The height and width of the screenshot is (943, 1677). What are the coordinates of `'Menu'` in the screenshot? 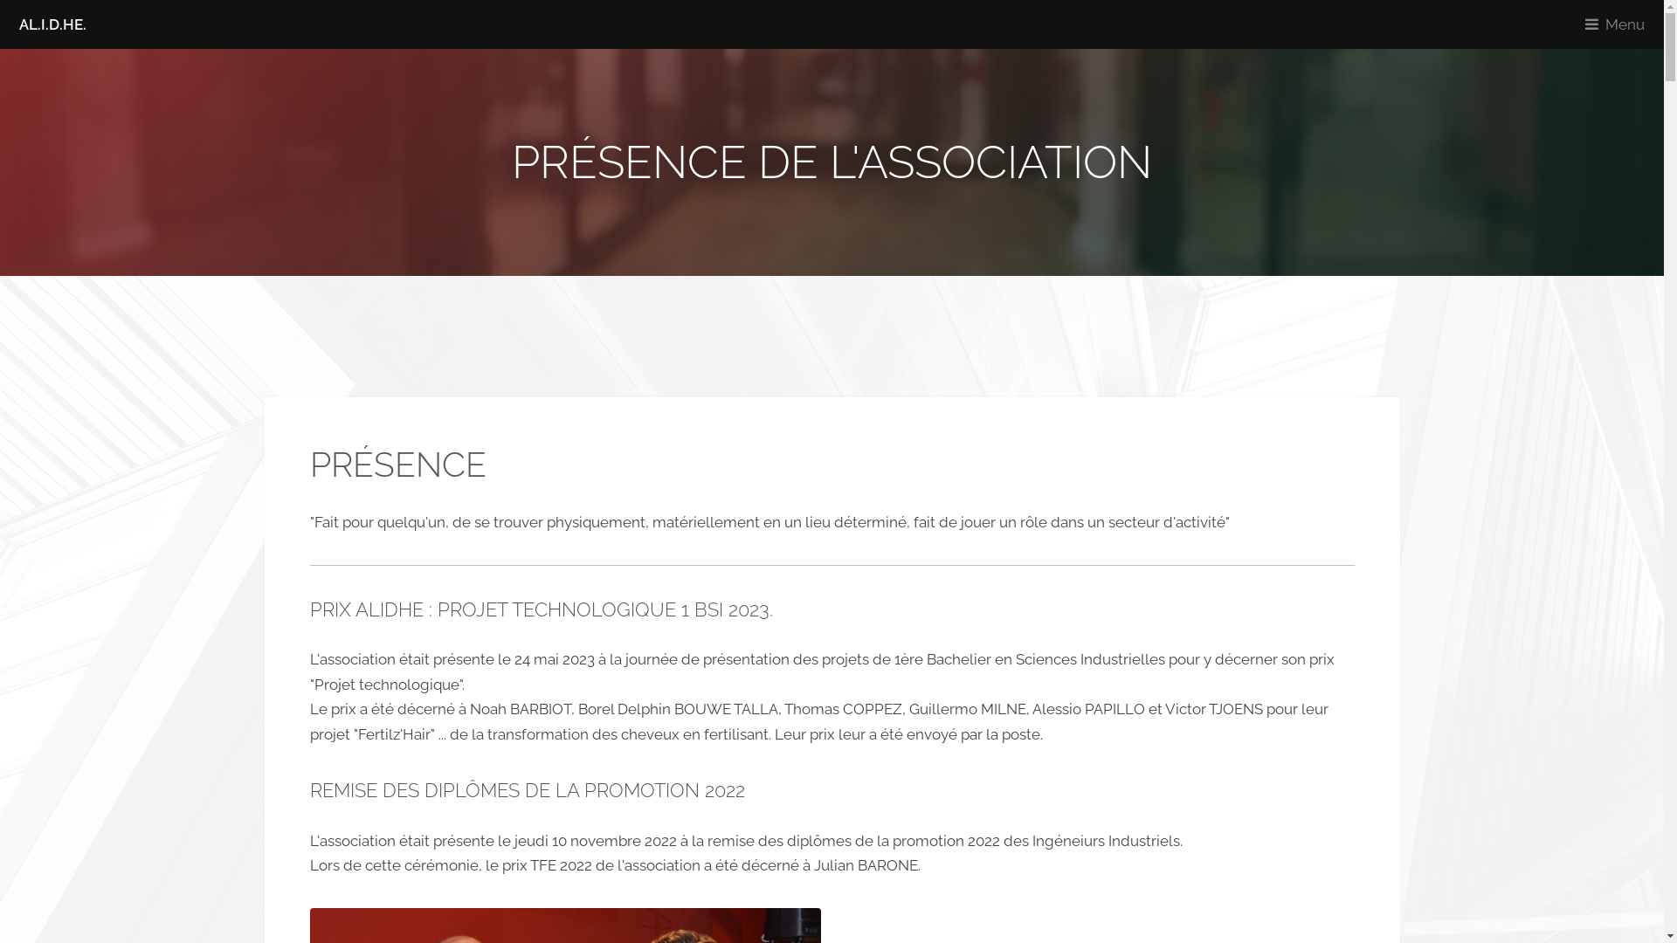 It's located at (1618, 24).